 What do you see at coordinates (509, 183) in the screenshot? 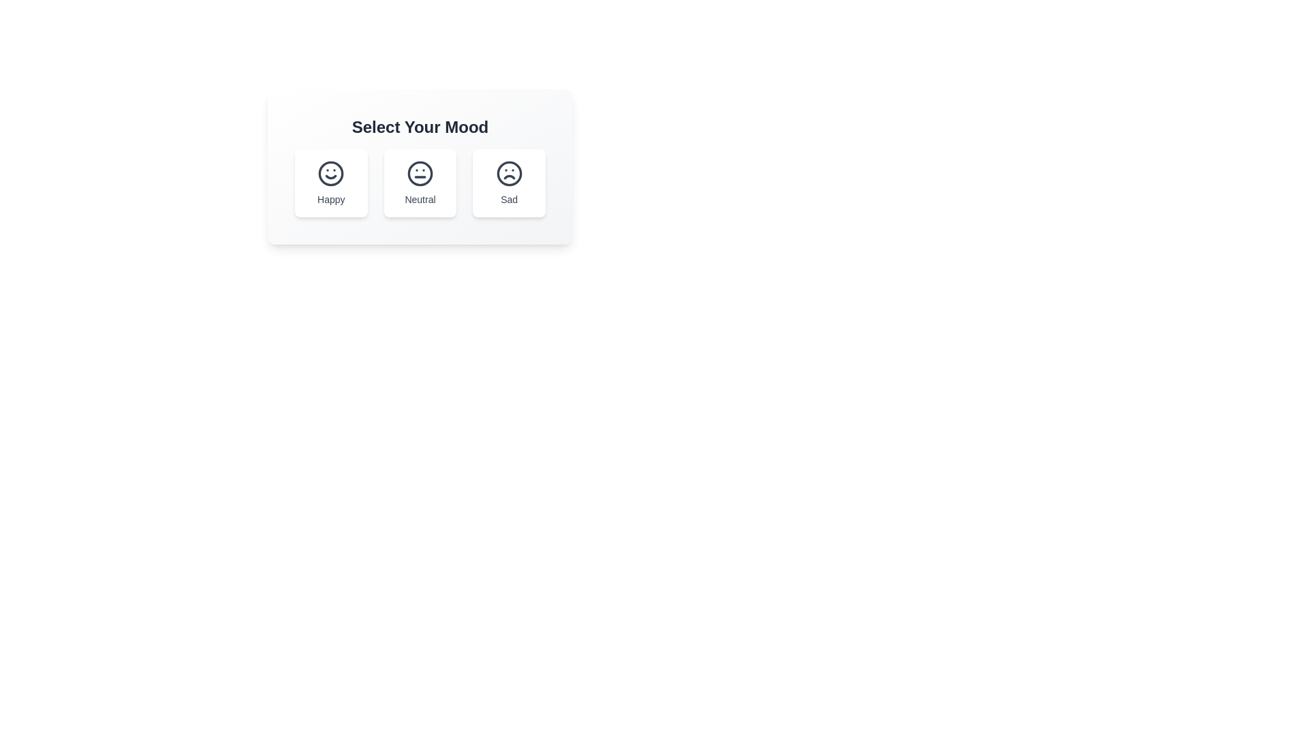
I see `the mood button labeled Sad` at bounding box center [509, 183].